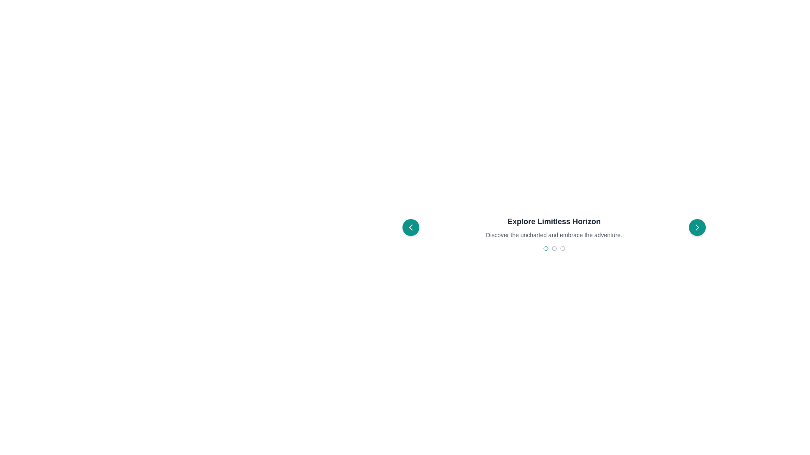 Image resolution: width=810 pixels, height=455 pixels. What do you see at coordinates (554, 235) in the screenshot?
I see `text content element that displays 'Discover the uncharted and embrace the adventure.' which is styled in gray and positioned below the title 'Explore Limitless Horizon'` at bounding box center [554, 235].